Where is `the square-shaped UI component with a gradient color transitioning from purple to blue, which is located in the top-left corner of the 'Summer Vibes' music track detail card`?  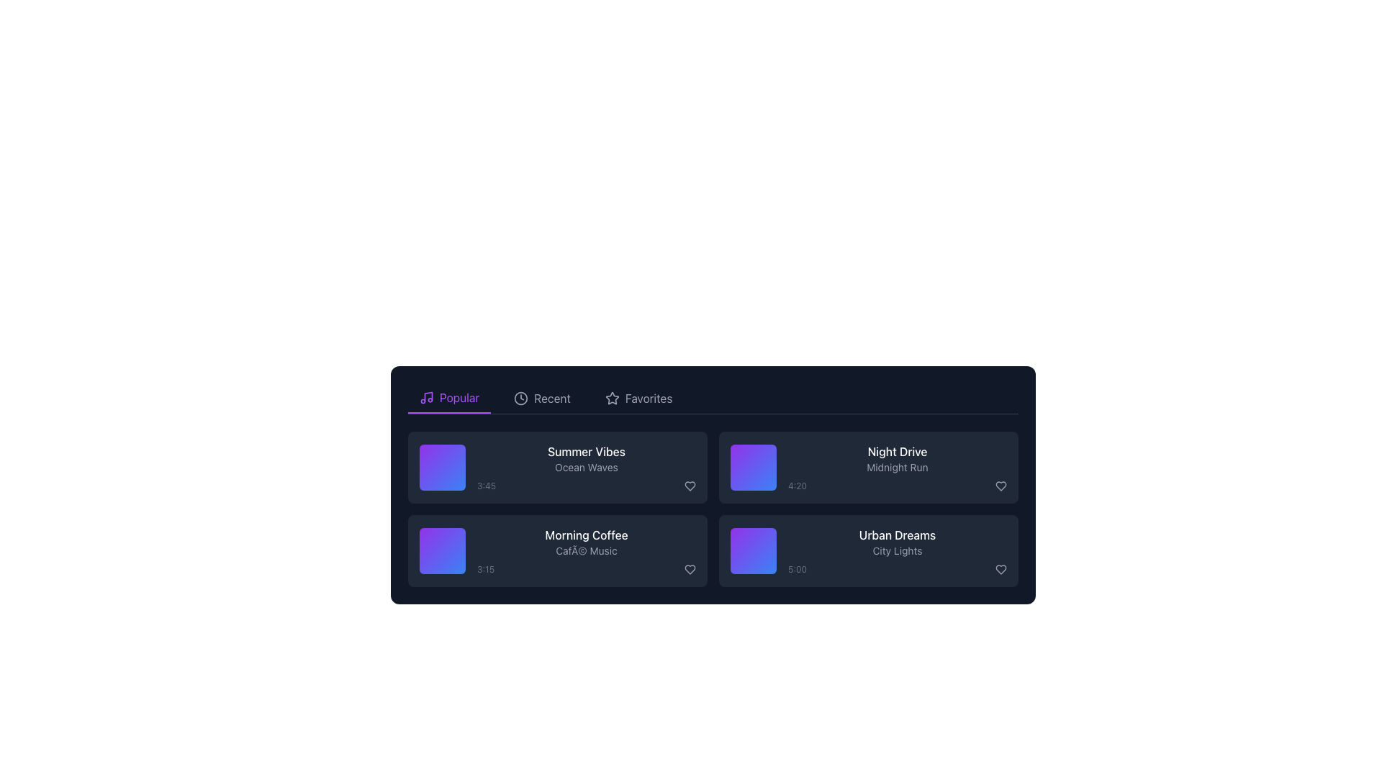
the square-shaped UI component with a gradient color transitioning from purple to blue, which is located in the top-left corner of the 'Summer Vibes' music track detail card is located at coordinates (441, 468).